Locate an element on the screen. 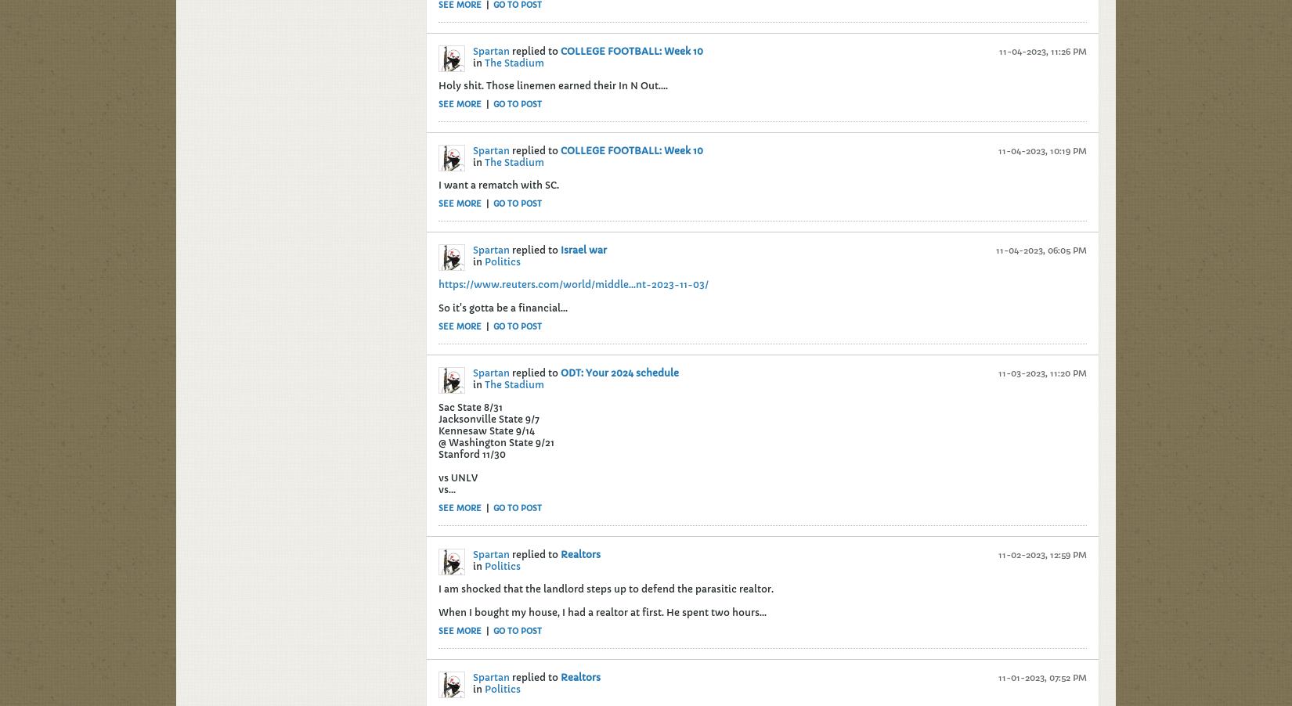 This screenshot has height=706, width=1292. 'ODT: Your 2024 schedule' is located at coordinates (619, 371).